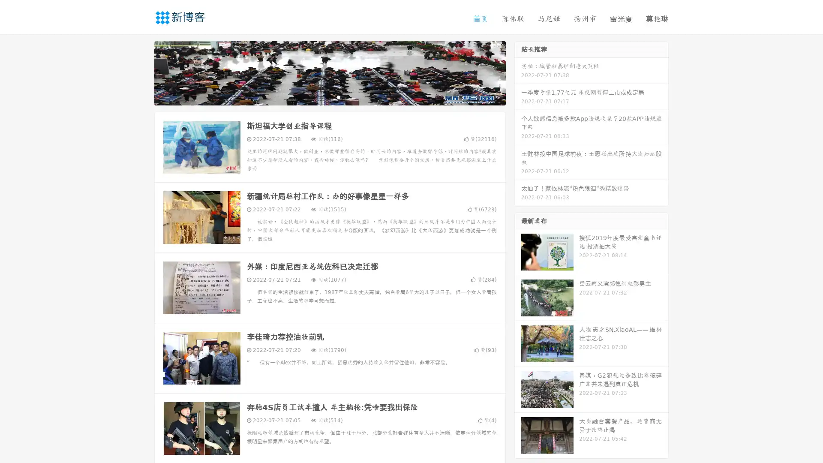 Image resolution: width=823 pixels, height=463 pixels. What do you see at coordinates (141, 72) in the screenshot?
I see `Previous slide` at bounding box center [141, 72].